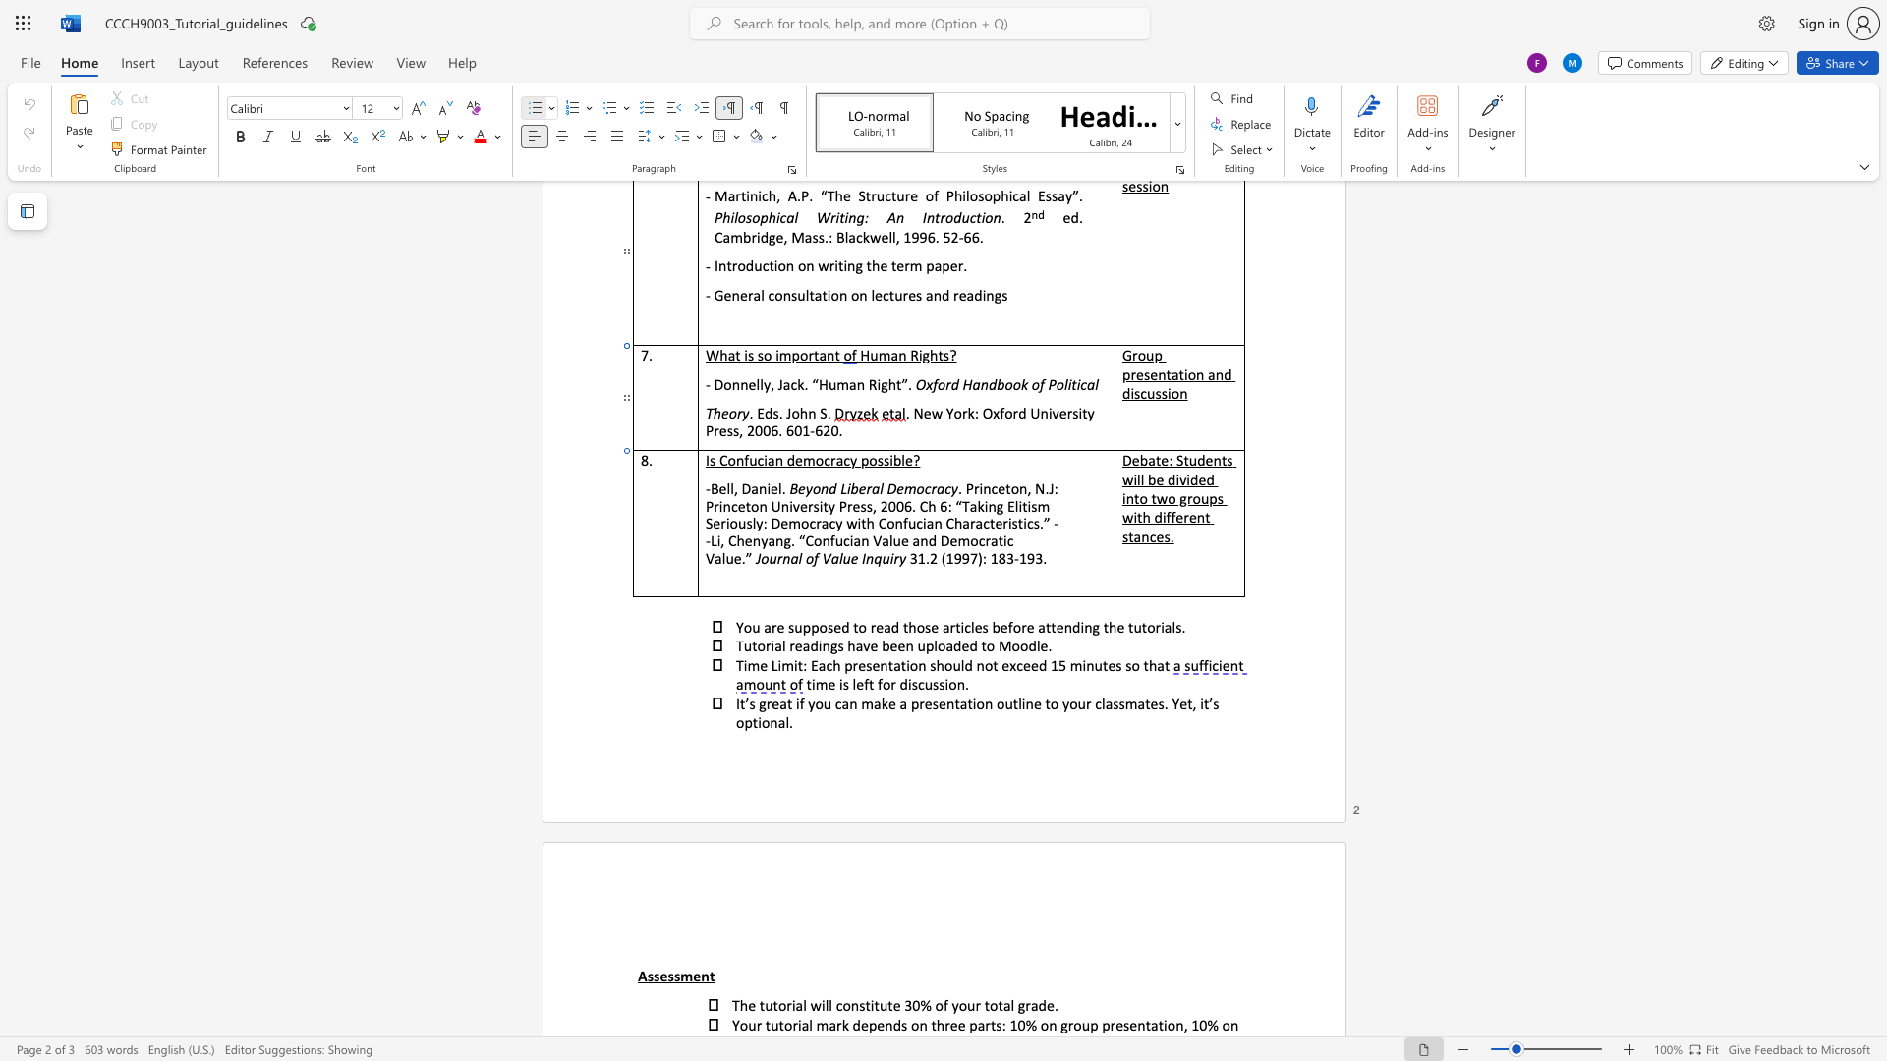 This screenshot has width=1887, height=1061. I want to click on the 3th character "o" in the text, so click(1001, 702).